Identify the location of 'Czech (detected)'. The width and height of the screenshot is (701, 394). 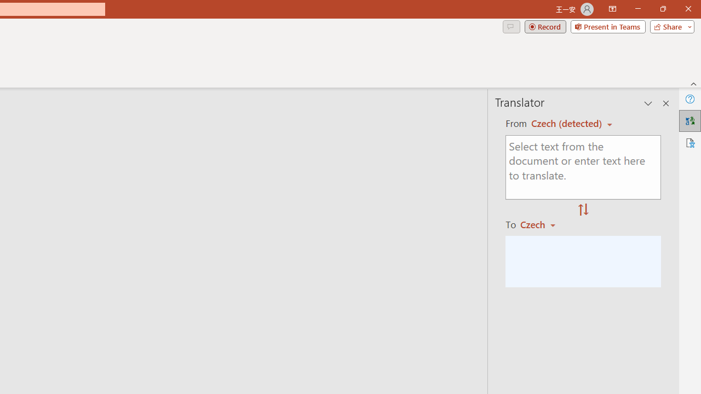
(568, 123).